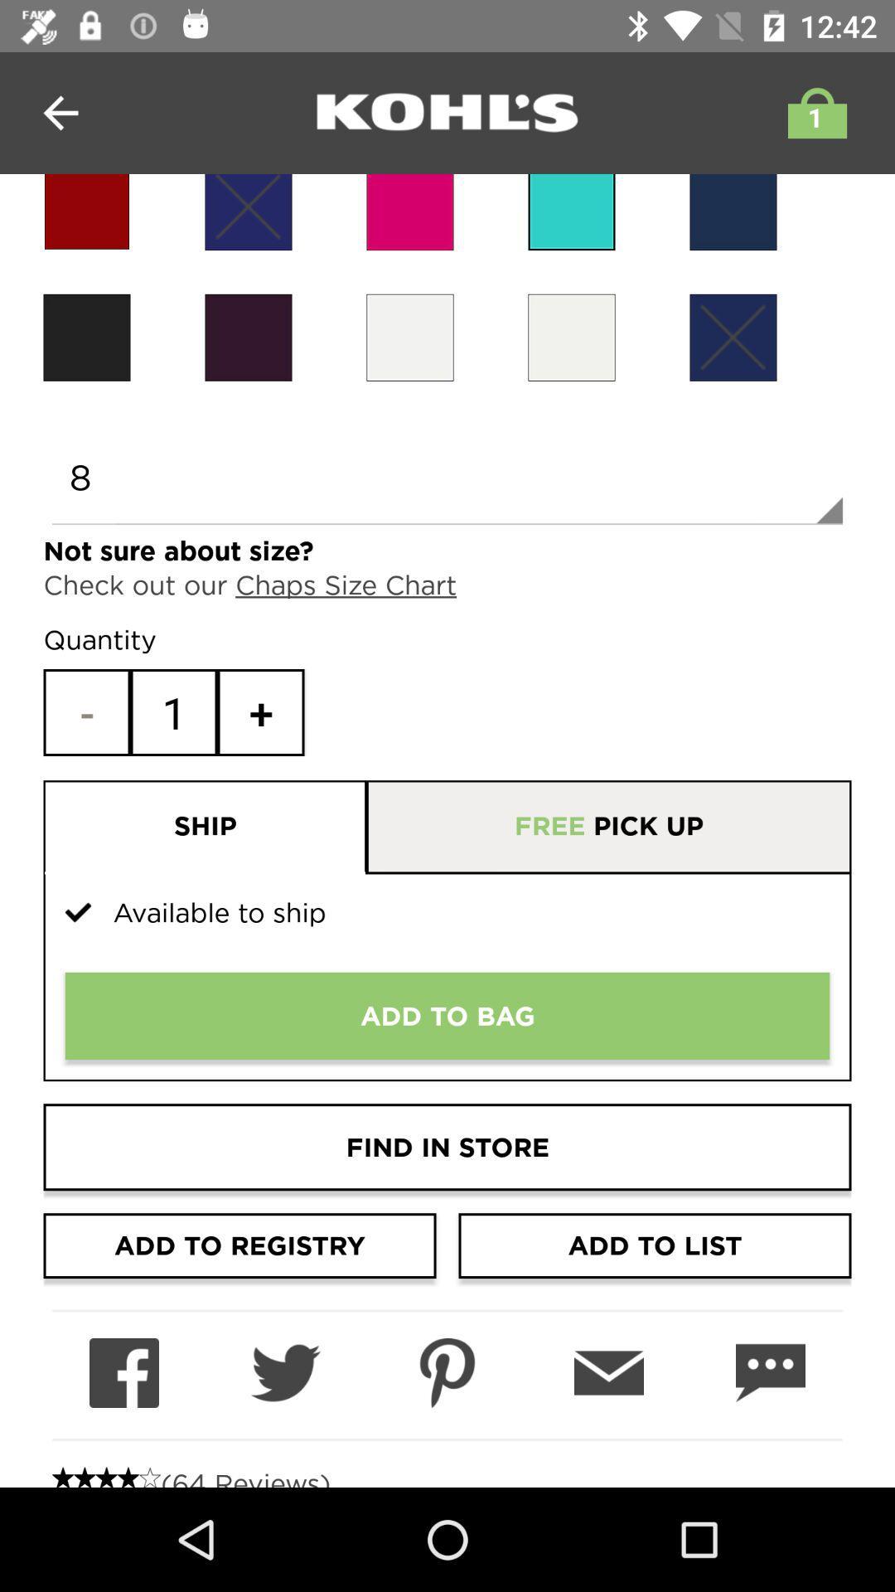  What do you see at coordinates (86, 211) in the screenshot?
I see `red color choice` at bounding box center [86, 211].